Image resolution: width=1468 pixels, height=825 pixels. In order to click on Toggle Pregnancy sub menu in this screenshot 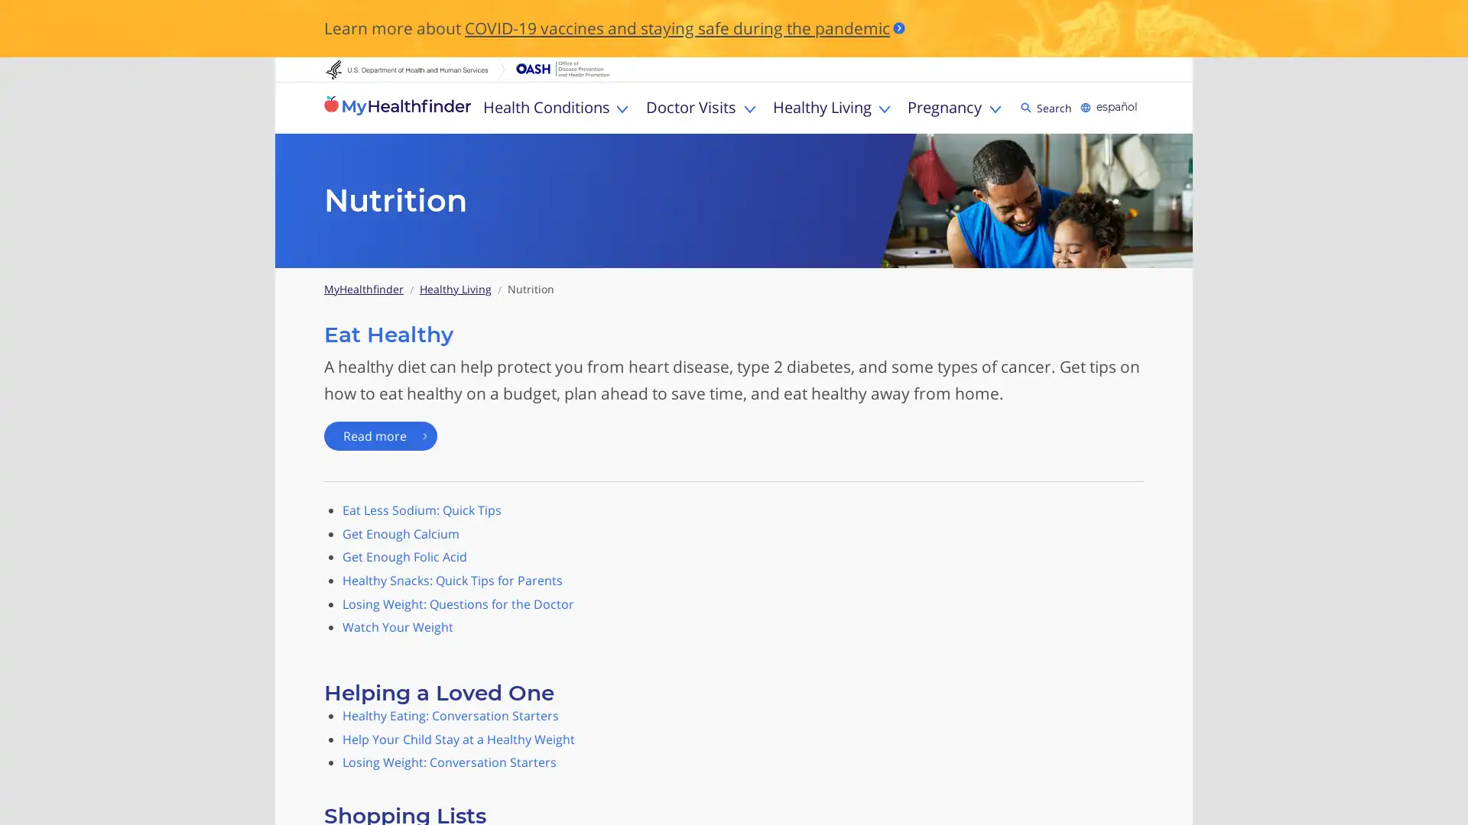, I will do `click(995, 107)`.